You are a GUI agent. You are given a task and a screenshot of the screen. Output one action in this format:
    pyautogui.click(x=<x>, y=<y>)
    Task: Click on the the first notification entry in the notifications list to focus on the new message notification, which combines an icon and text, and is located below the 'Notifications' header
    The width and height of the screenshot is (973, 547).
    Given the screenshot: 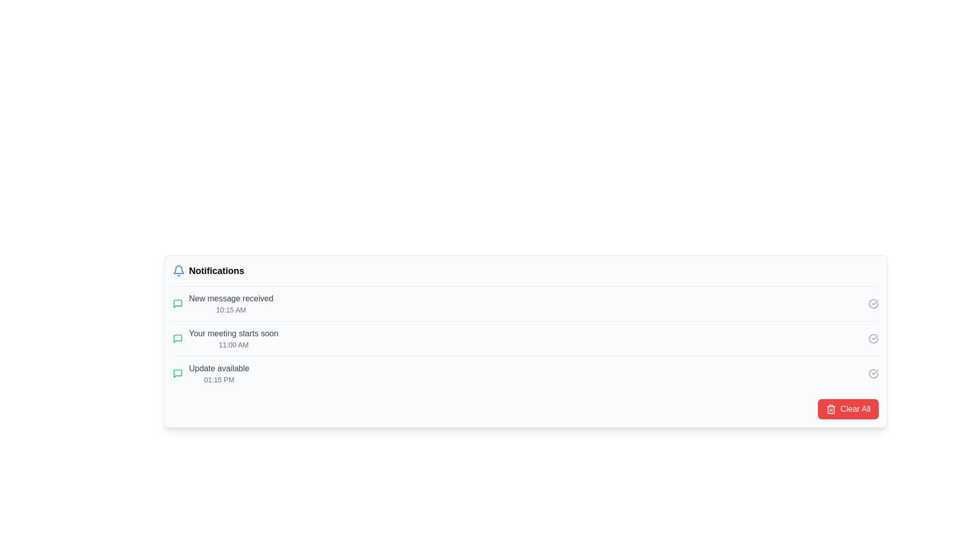 What is the action you would take?
    pyautogui.click(x=222, y=303)
    